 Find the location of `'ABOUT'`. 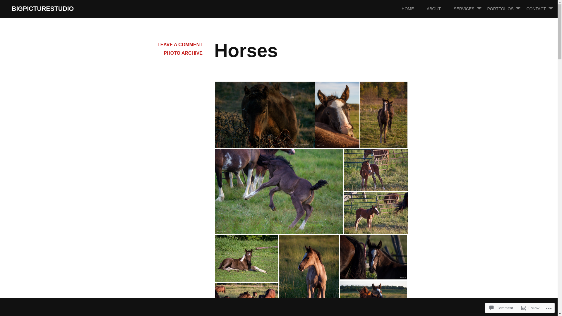

'ABOUT' is located at coordinates (427, 9).